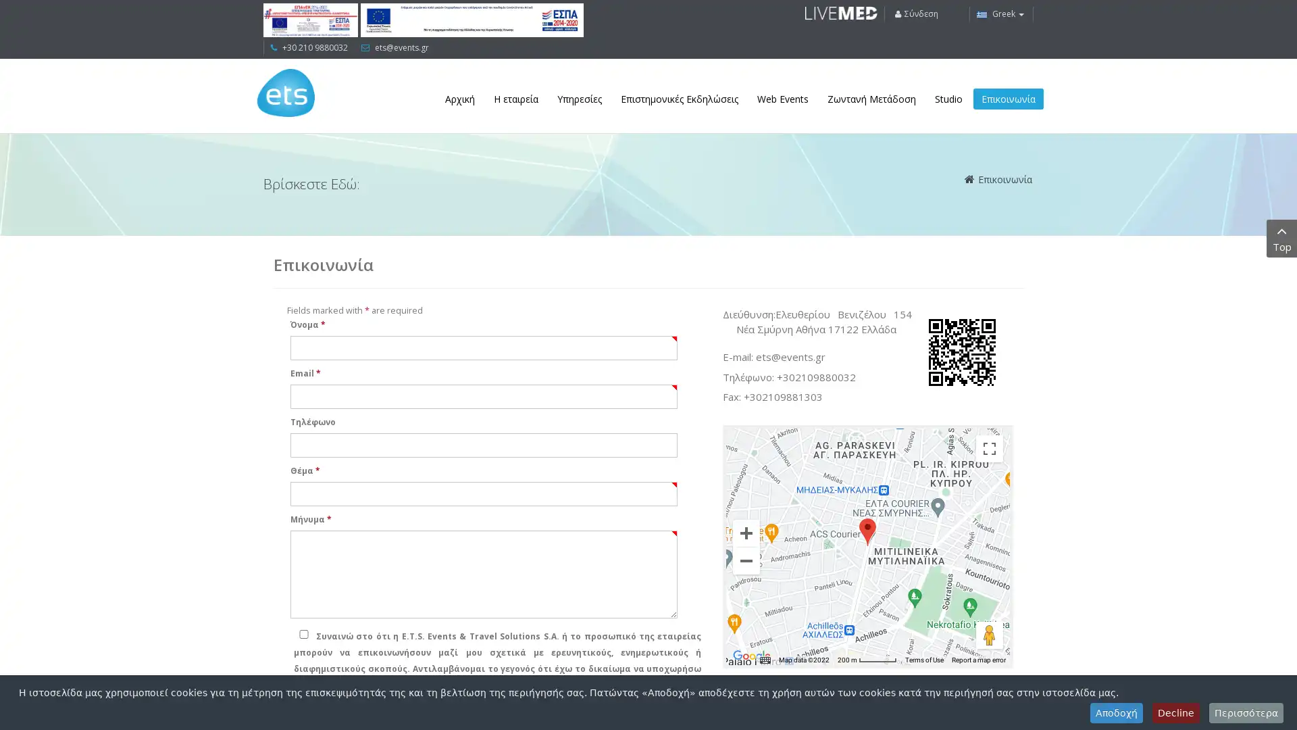 This screenshot has height=730, width=1297. I want to click on Keyboard shortcuts, so click(765, 658).